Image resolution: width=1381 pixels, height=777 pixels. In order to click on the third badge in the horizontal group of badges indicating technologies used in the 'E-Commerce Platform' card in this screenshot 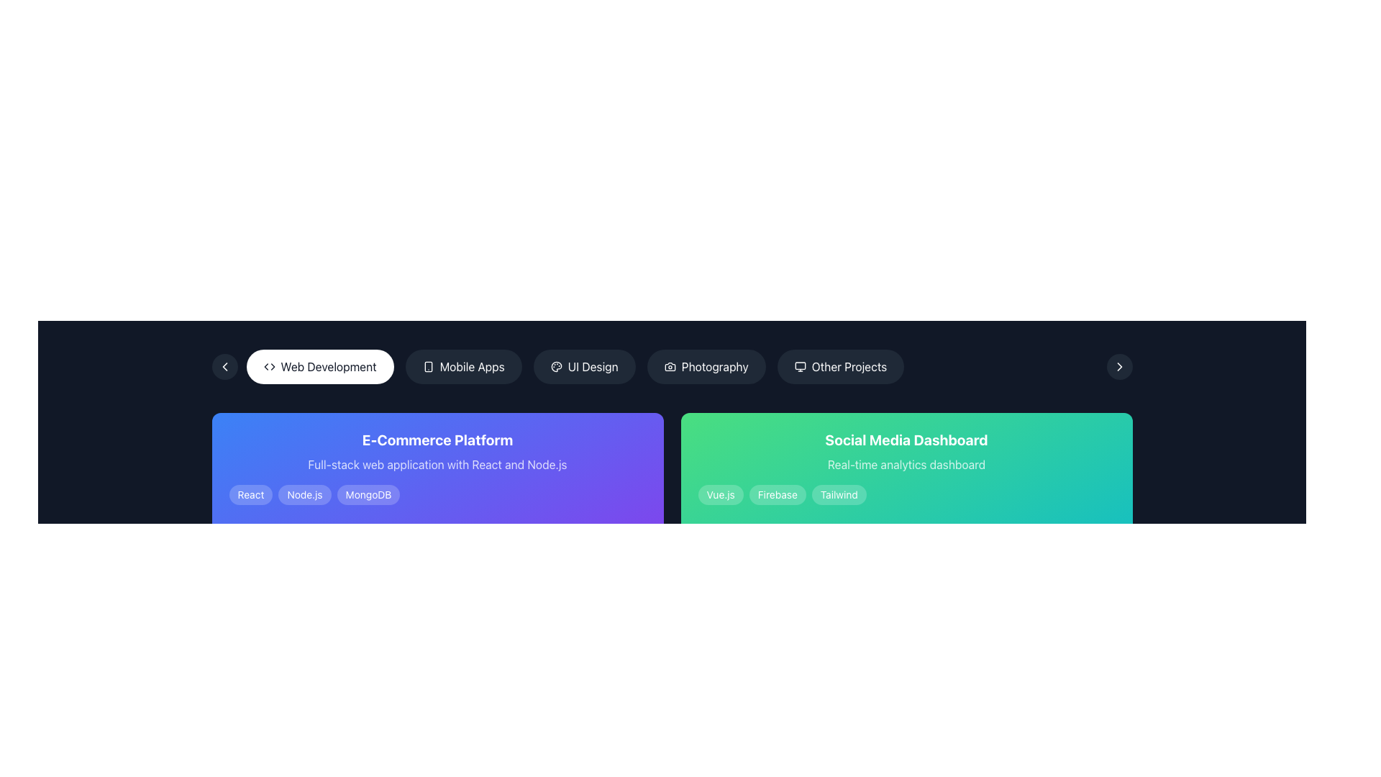, I will do `click(368, 494)`.